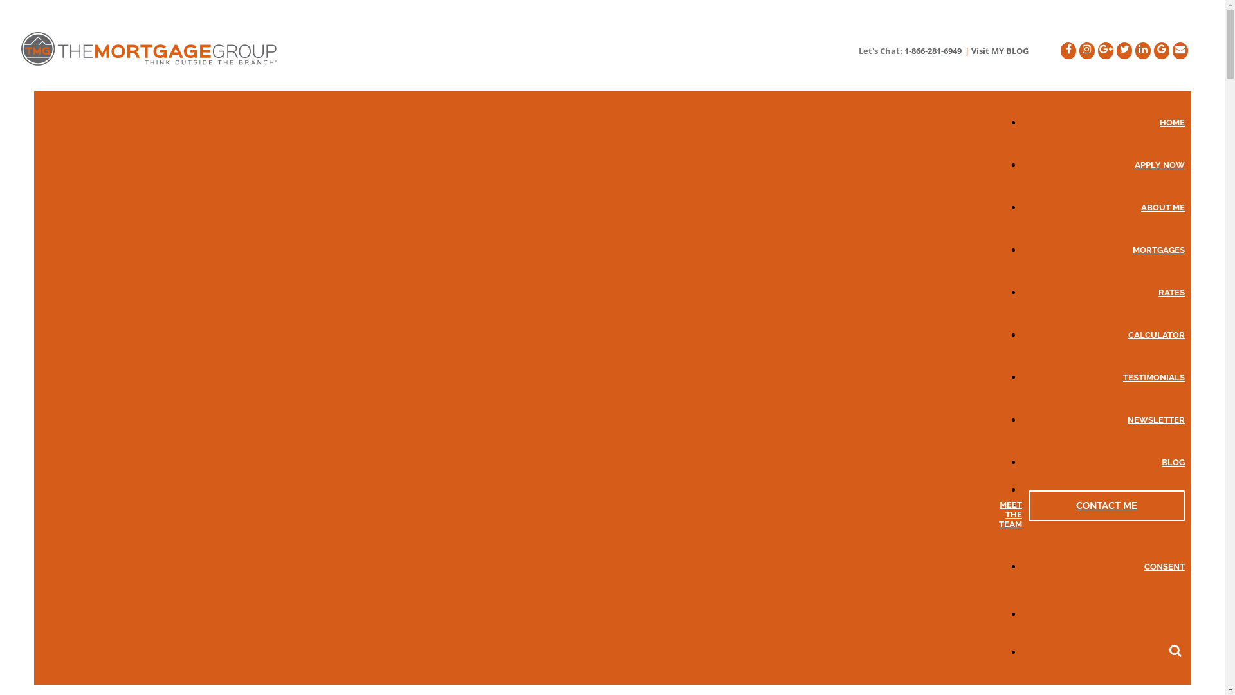 The height and width of the screenshot is (695, 1235). What do you see at coordinates (904, 50) in the screenshot?
I see `'1-866-281-6949'` at bounding box center [904, 50].